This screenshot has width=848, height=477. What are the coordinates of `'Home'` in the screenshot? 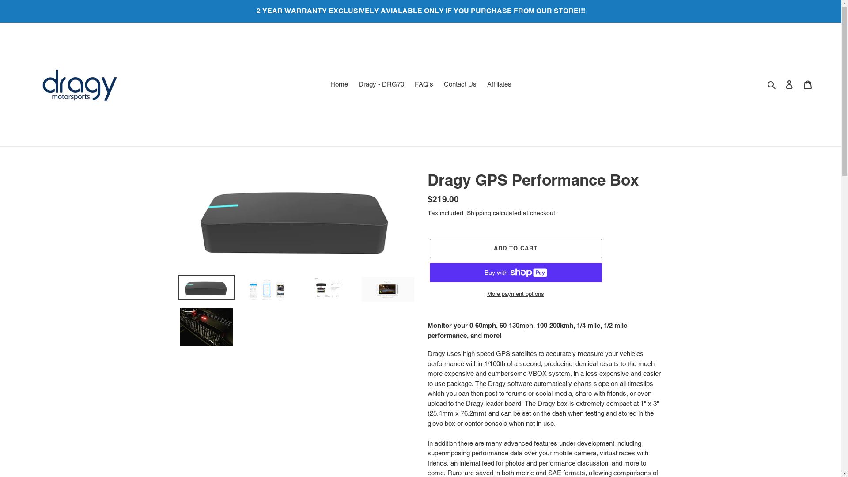 It's located at (339, 84).